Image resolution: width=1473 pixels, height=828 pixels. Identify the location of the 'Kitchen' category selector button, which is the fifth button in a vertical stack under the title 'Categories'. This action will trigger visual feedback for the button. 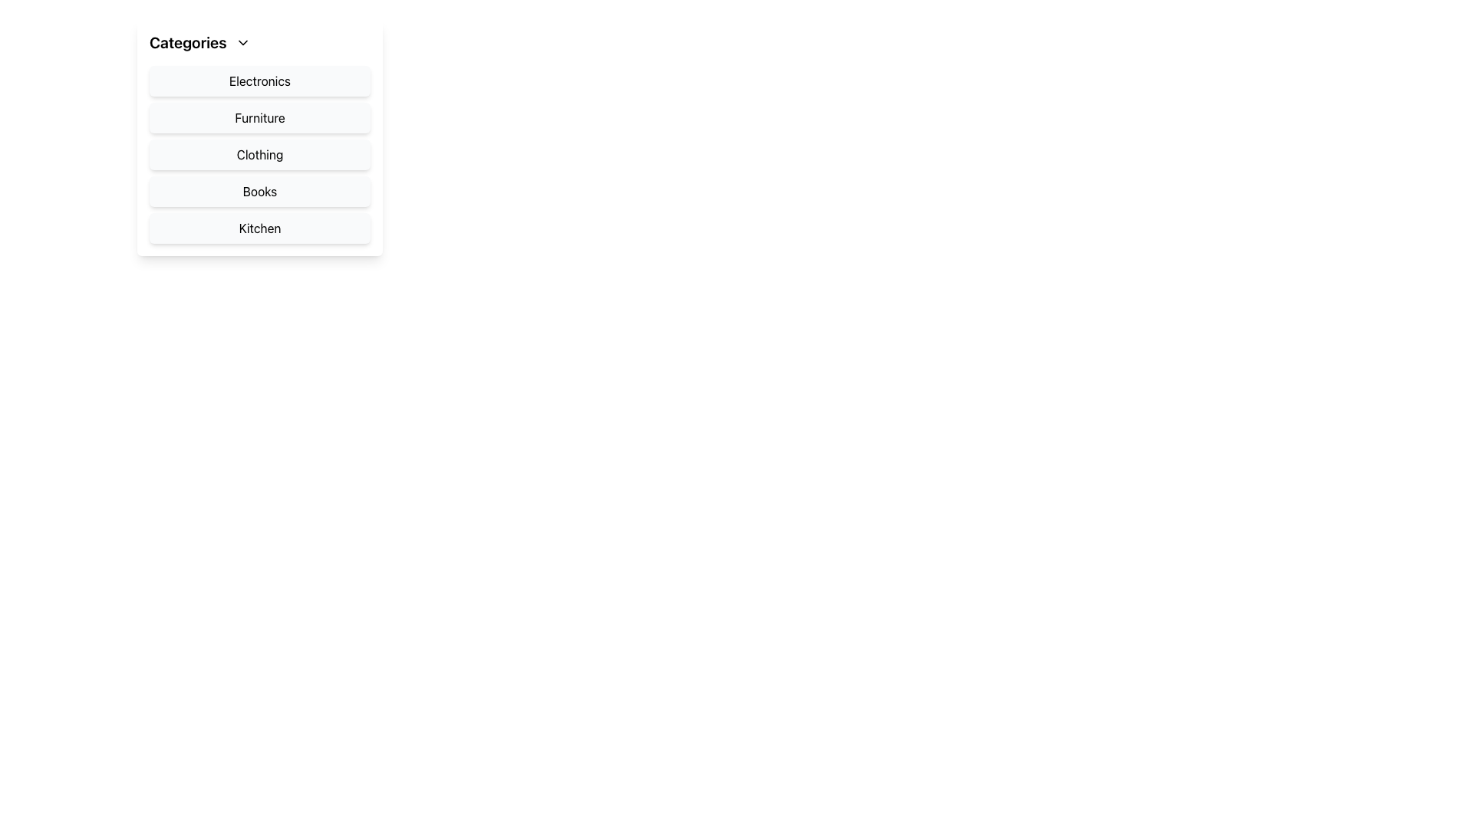
(260, 228).